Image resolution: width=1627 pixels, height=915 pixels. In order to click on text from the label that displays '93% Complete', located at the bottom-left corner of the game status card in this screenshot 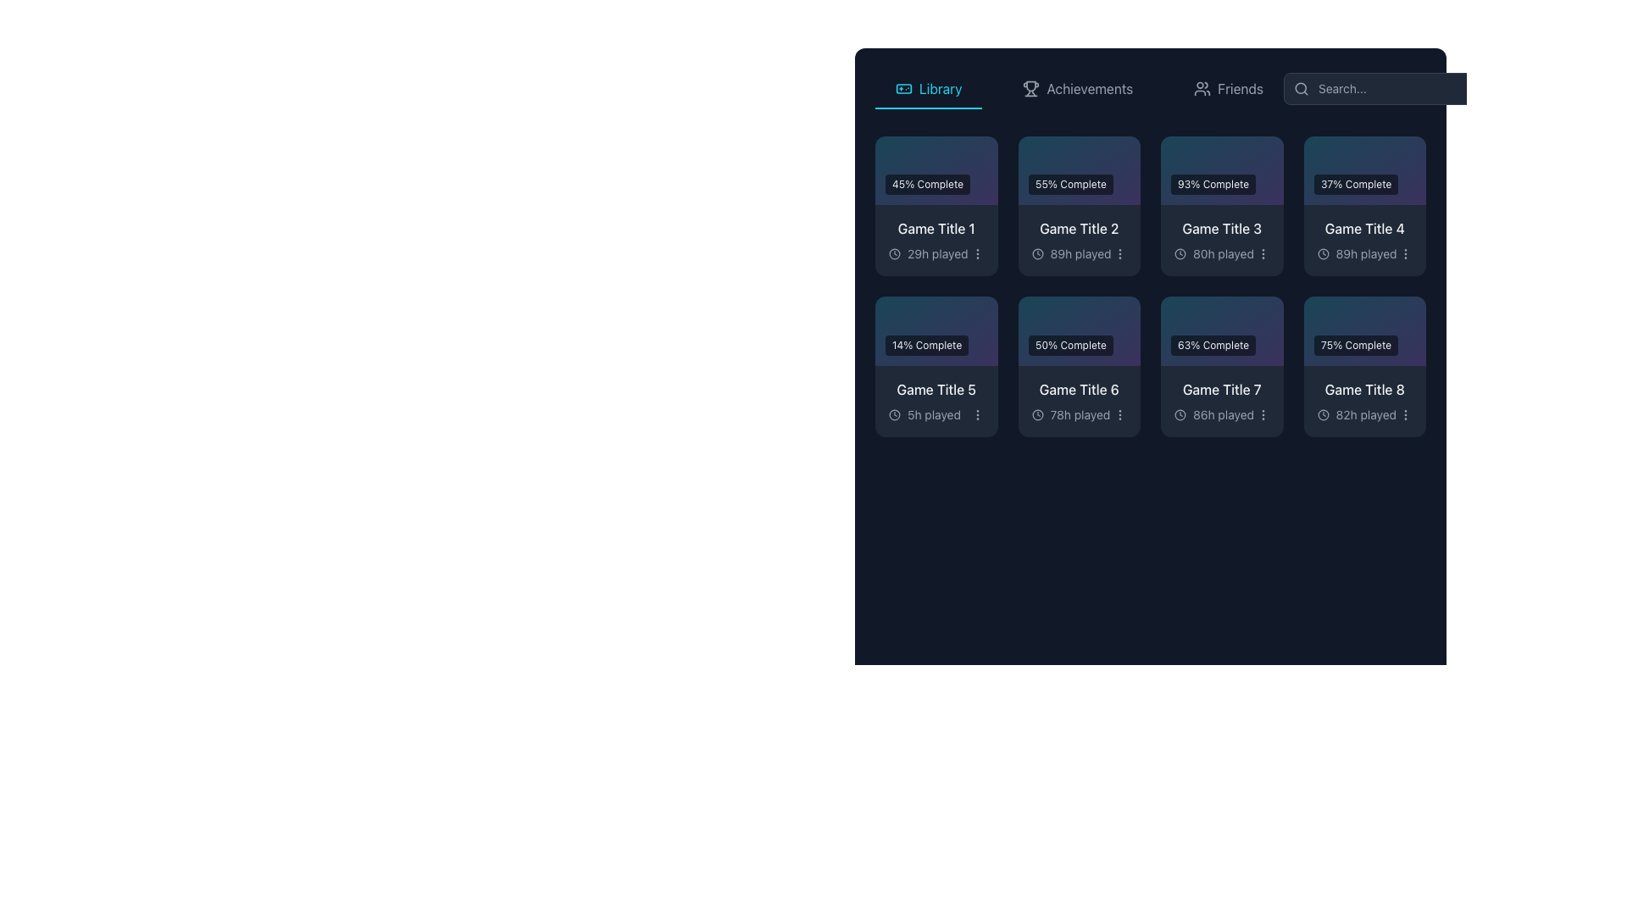, I will do `click(1213, 185)`.